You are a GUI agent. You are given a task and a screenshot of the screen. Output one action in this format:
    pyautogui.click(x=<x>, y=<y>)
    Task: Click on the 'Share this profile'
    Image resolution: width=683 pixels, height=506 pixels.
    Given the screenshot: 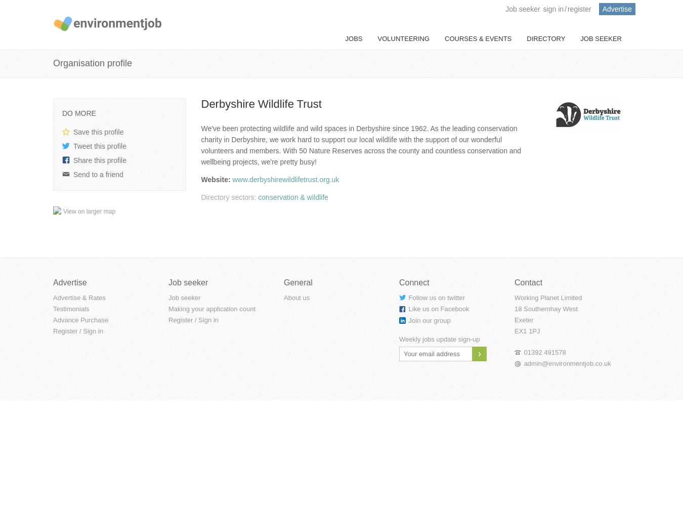 What is the action you would take?
    pyautogui.click(x=73, y=160)
    